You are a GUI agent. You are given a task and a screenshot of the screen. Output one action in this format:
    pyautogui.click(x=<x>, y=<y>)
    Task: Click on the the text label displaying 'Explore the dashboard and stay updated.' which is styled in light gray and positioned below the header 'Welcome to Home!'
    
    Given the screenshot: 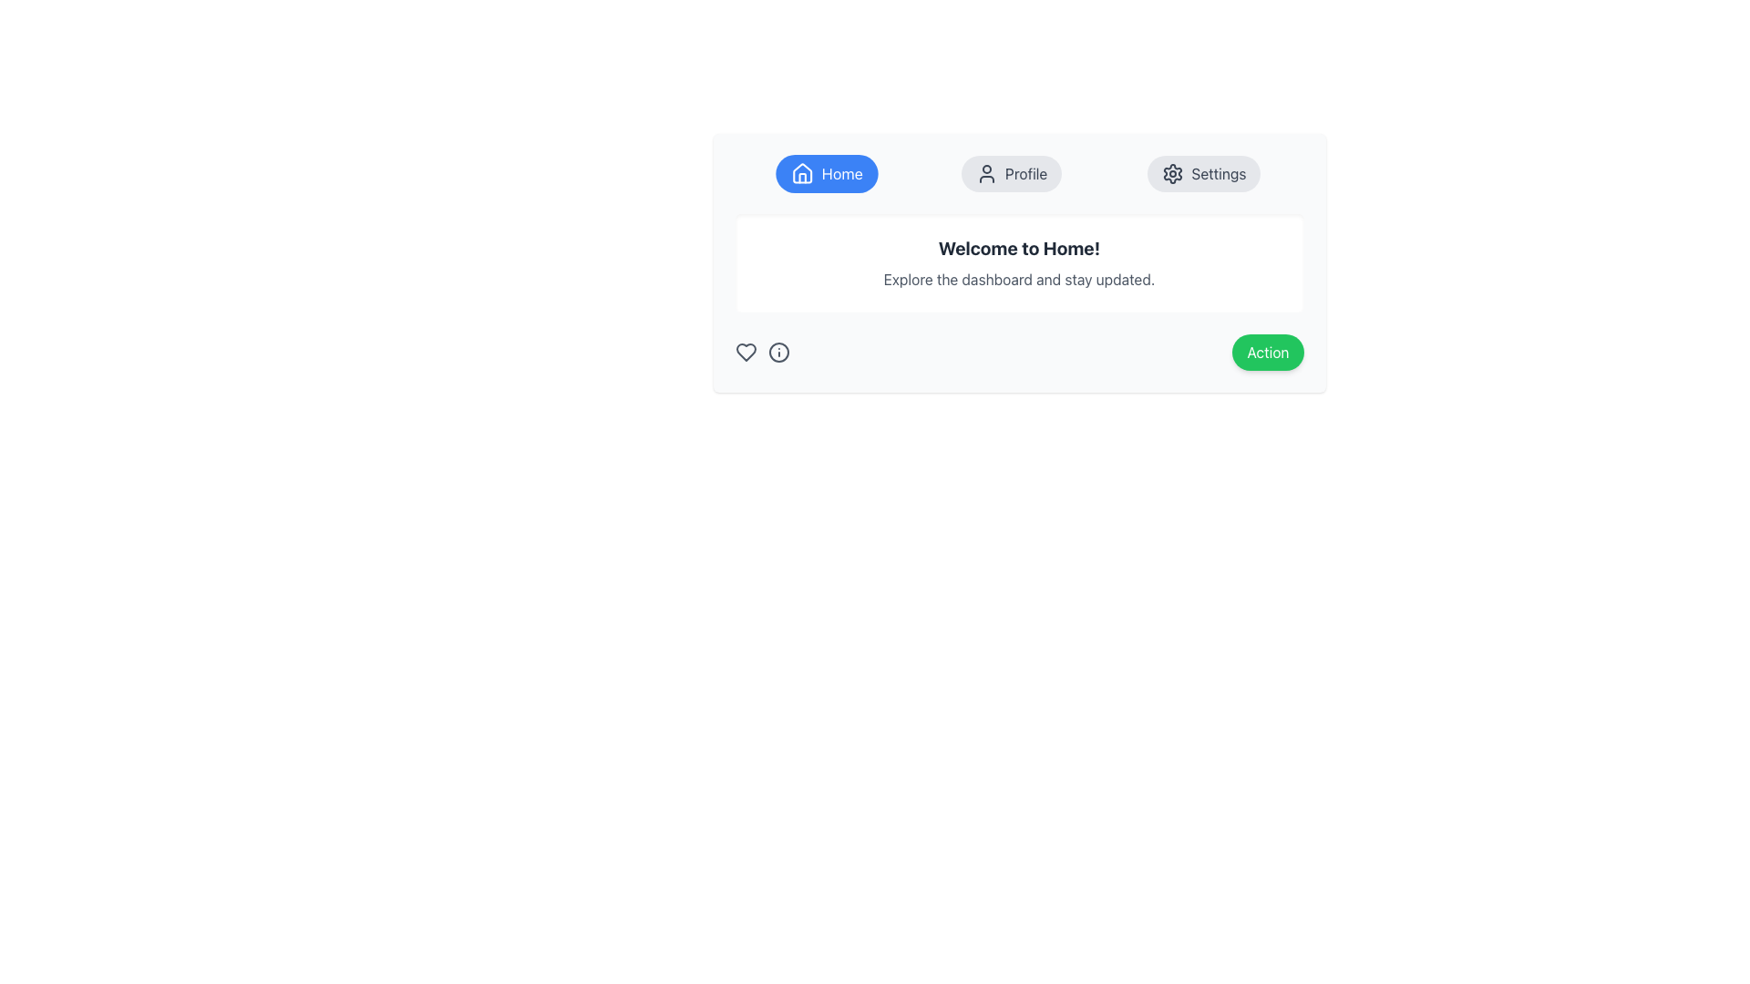 What is the action you would take?
    pyautogui.click(x=1018, y=280)
    